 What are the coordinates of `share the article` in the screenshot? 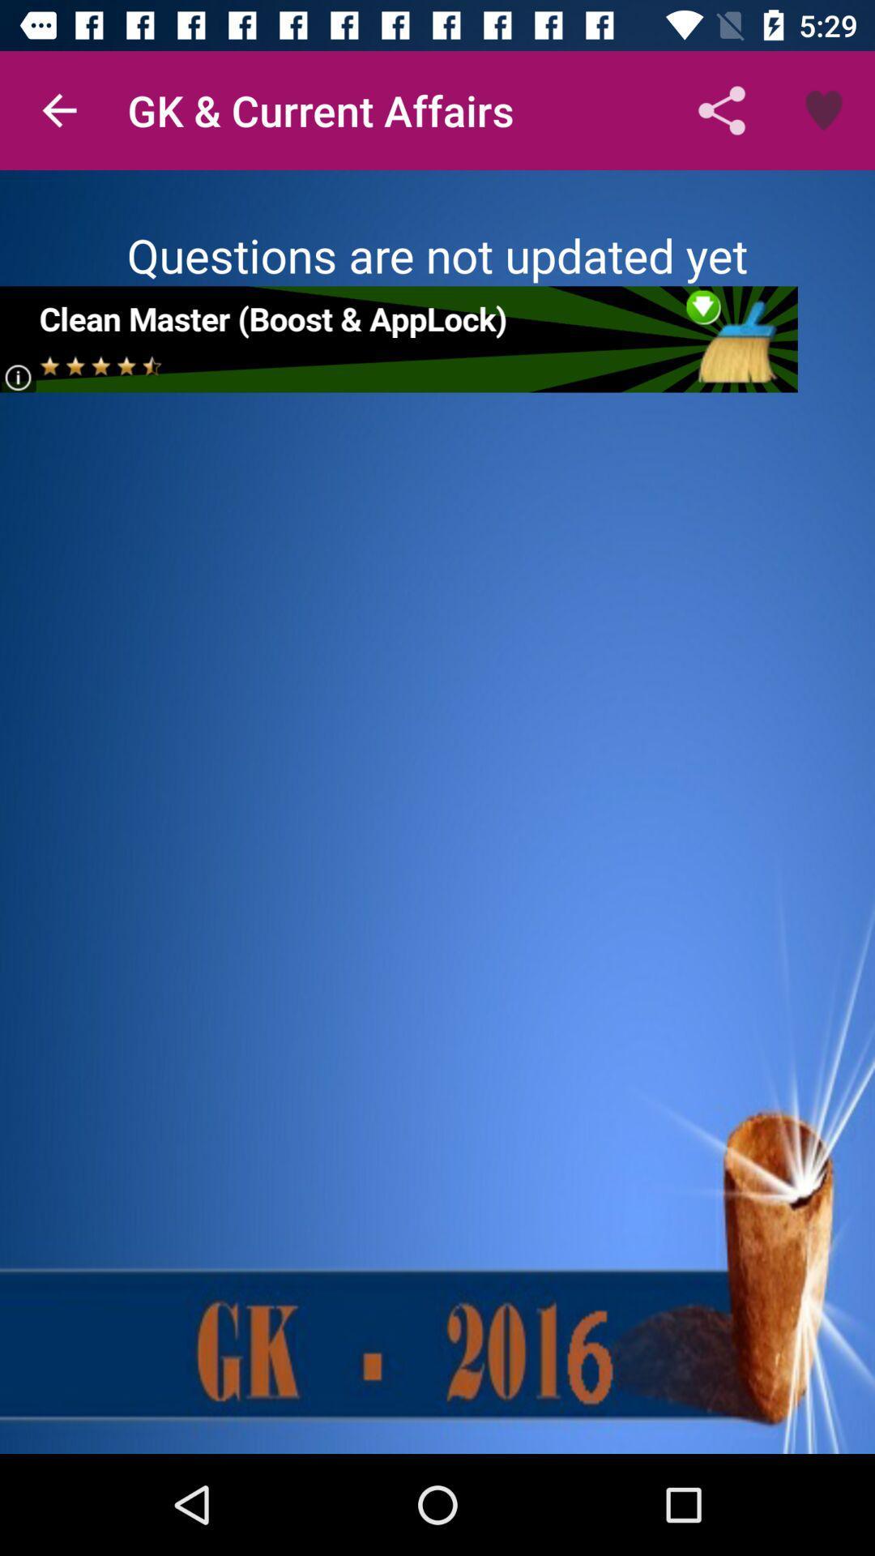 It's located at (399, 338).